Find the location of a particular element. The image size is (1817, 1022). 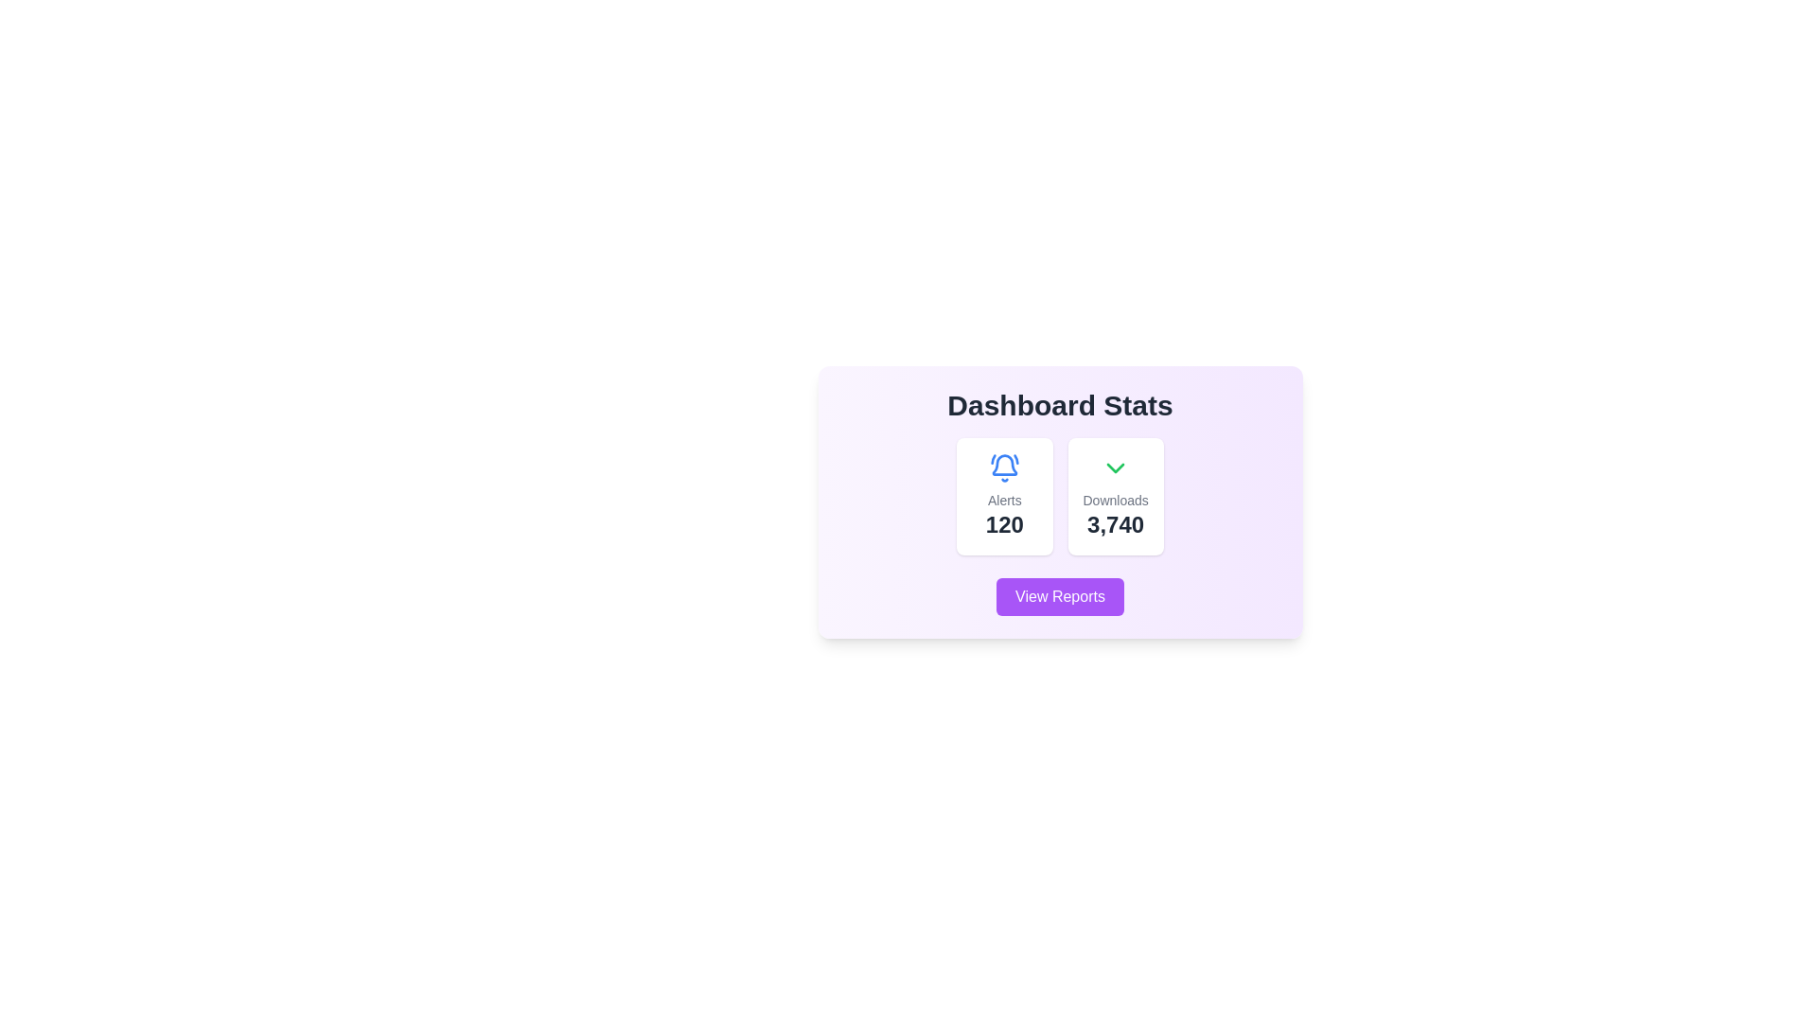

the alert notification icon located at the upper part of the card in the left section of the 'Dashboard Stats' interface is located at coordinates (1003, 467).